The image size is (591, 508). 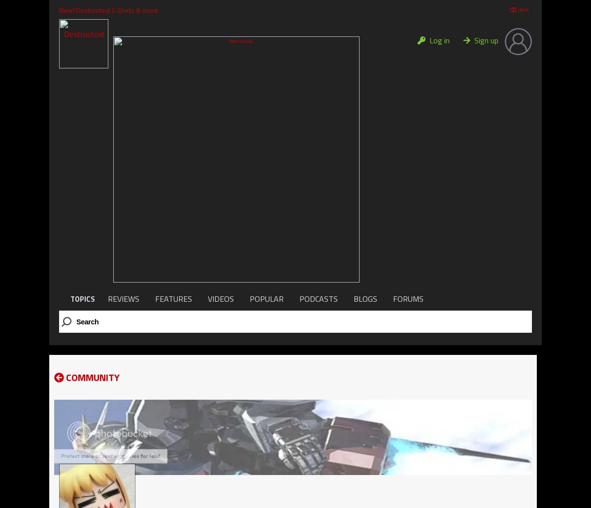 What do you see at coordinates (123, 299) in the screenshot?
I see `'REVIEWS'` at bounding box center [123, 299].